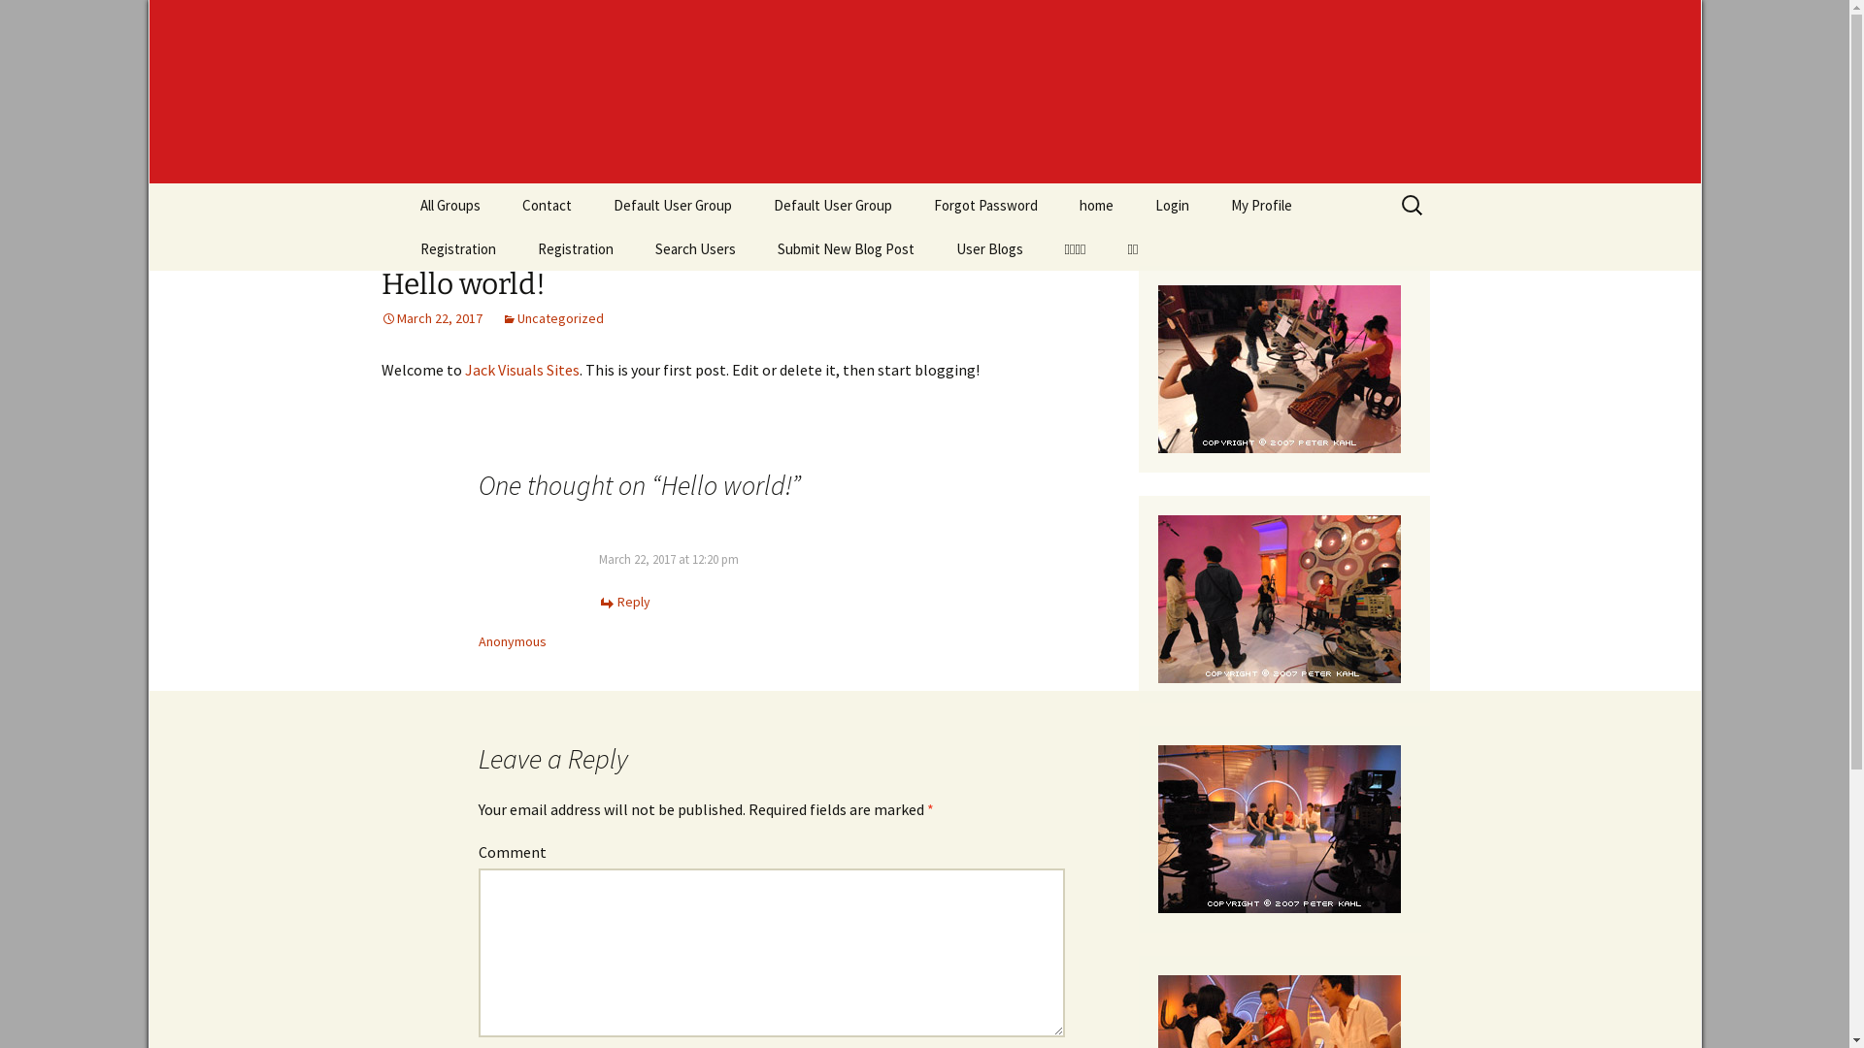 Image resolution: width=1864 pixels, height=1048 pixels. Describe the element at coordinates (399, 182) in the screenshot. I see `'Skip to content'` at that location.